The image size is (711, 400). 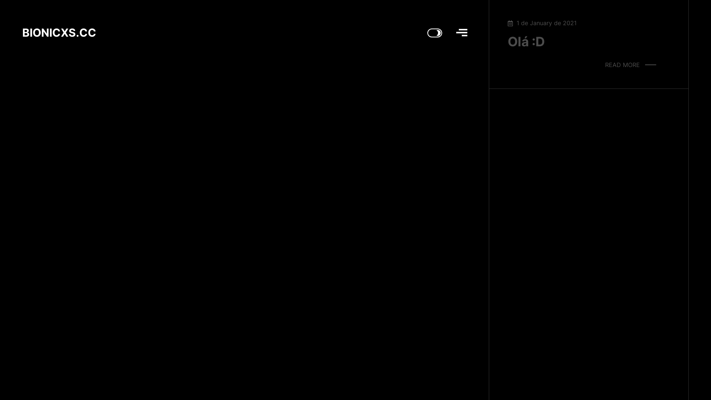 What do you see at coordinates (59, 34) in the screenshot?
I see `'BIONICXS.CC'` at bounding box center [59, 34].